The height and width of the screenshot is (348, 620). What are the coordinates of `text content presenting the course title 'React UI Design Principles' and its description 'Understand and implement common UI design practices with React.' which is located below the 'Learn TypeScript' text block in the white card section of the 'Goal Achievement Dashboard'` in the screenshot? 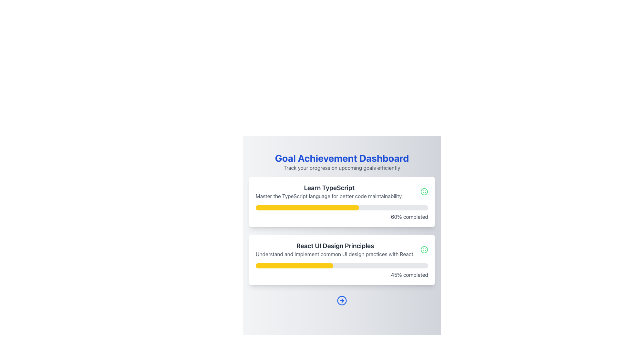 It's located at (335, 249).